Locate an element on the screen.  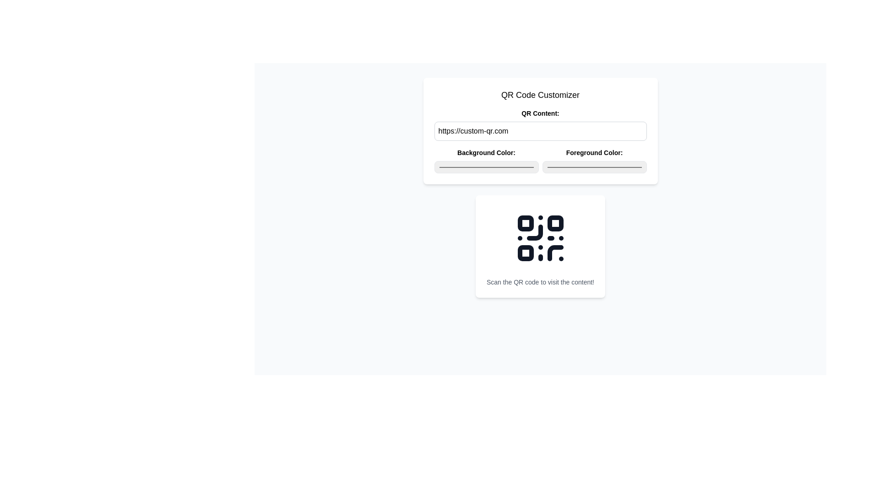
the foreground color value by sliding is located at coordinates (548, 167).